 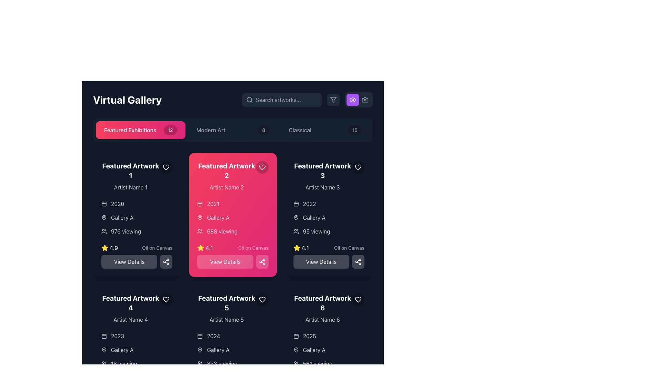 I want to click on the favorite button located in the upper-right corner of the 'Featured Artwork 1' section, so click(x=166, y=167).